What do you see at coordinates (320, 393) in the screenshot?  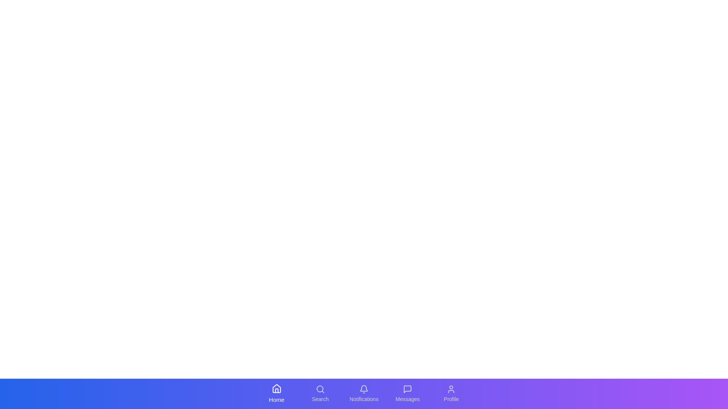 I see `the Search navigation icon to navigate to the corresponding section` at bounding box center [320, 393].